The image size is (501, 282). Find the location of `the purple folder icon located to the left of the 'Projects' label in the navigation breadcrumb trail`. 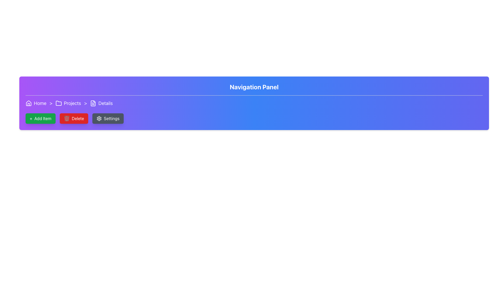

the purple folder icon located to the left of the 'Projects' label in the navigation breadcrumb trail is located at coordinates (58, 103).